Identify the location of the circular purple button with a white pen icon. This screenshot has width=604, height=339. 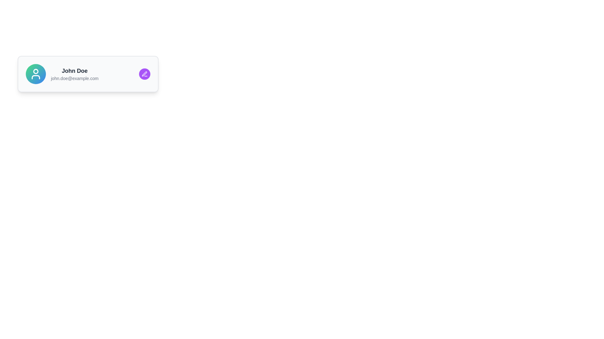
(144, 73).